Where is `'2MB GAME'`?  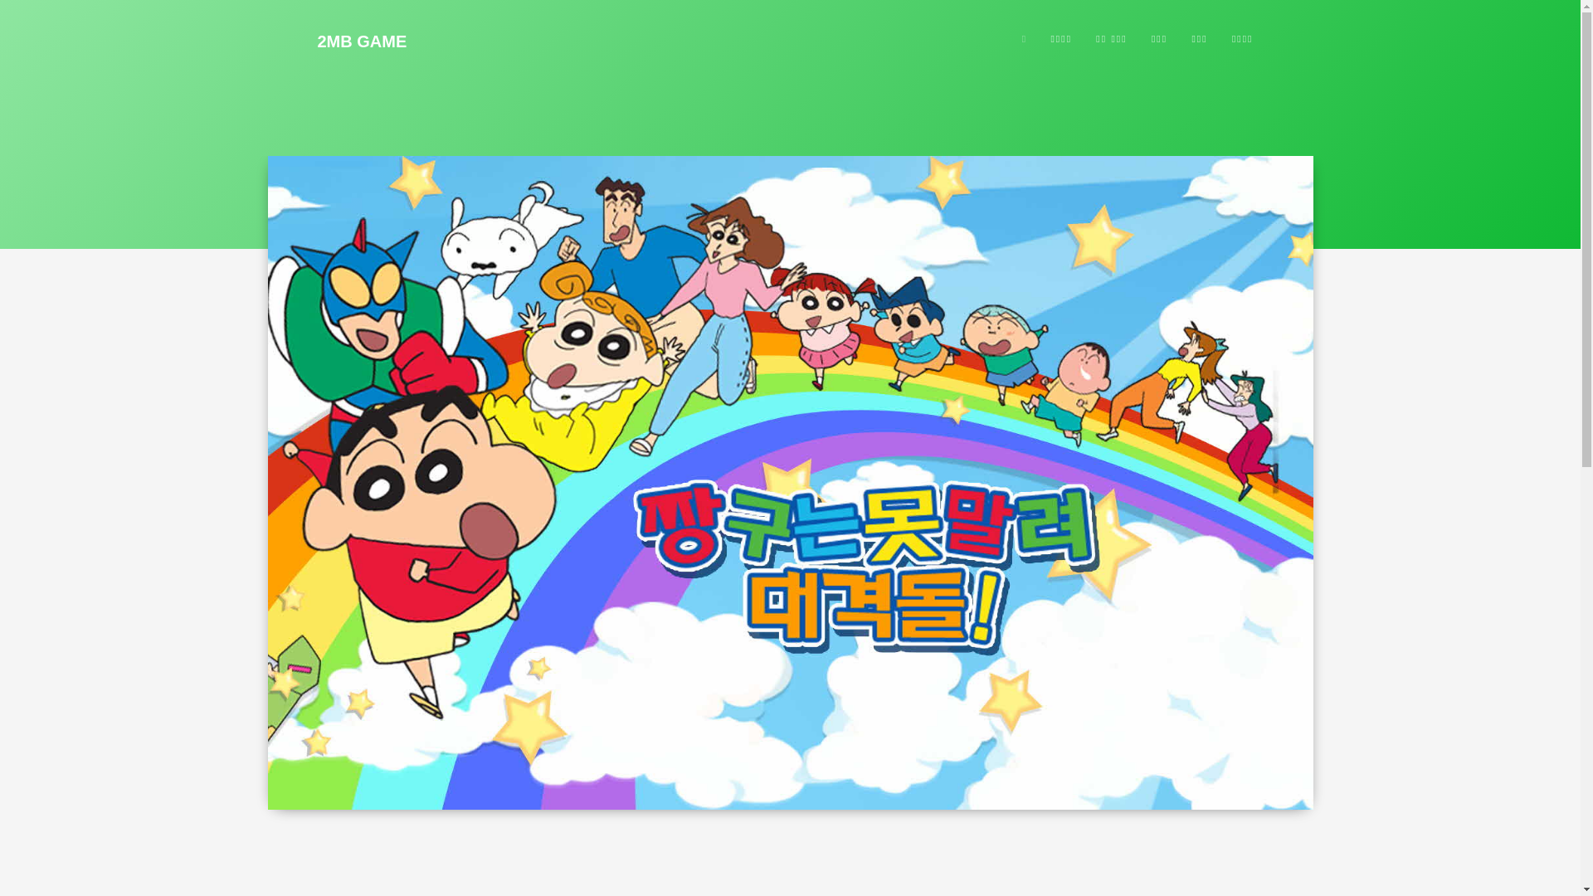
'2MB GAME' is located at coordinates (361, 41).